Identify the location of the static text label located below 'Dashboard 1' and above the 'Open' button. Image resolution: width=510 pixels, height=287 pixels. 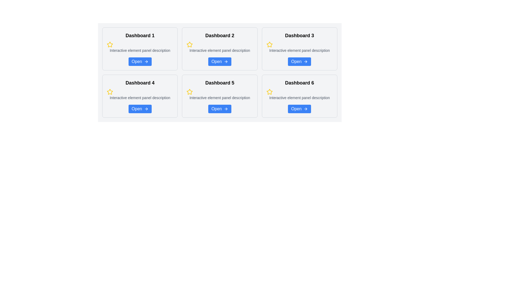
(140, 50).